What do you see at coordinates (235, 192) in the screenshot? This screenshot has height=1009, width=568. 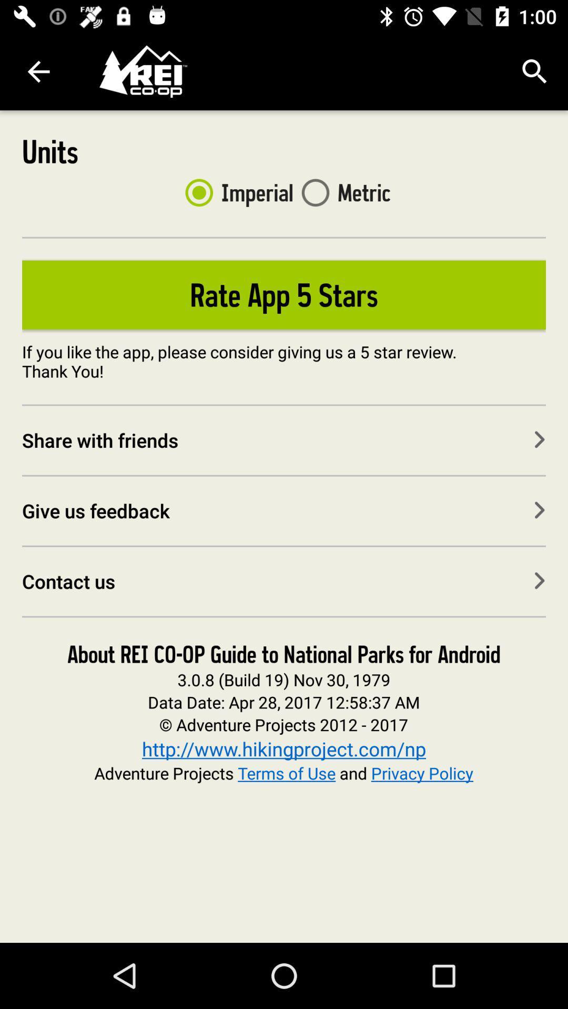 I see `icon next to metric icon` at bounding box center [235, 192].